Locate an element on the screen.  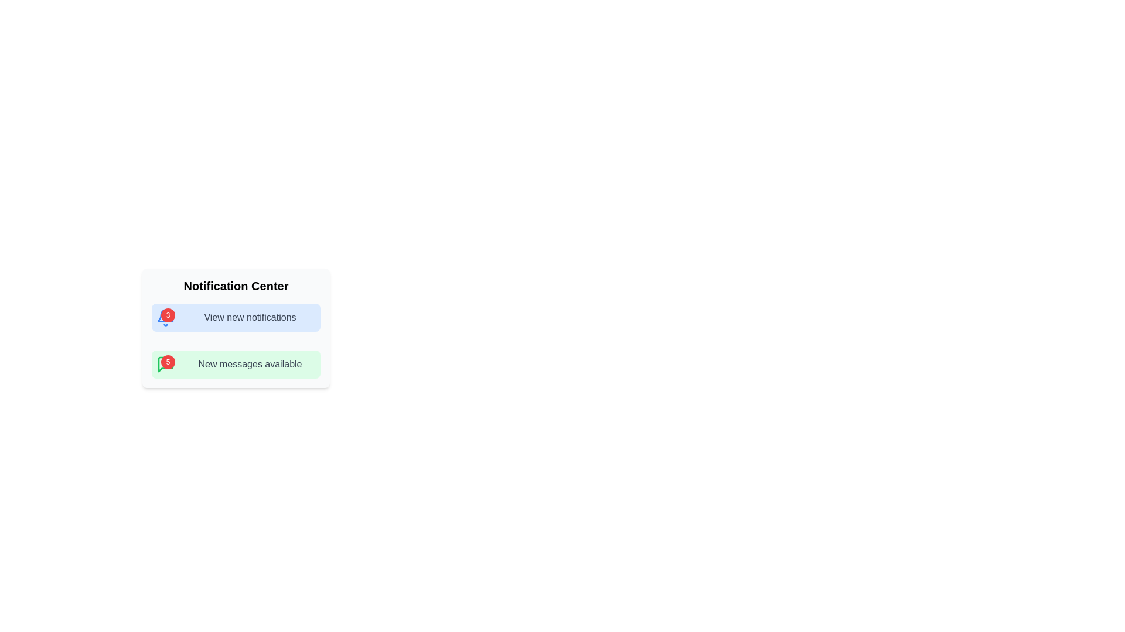
the red circular badge containing the number '3', which is positioned at the top right corner of the blue bell icon in the 'View new notifications' section is located at coordinates (165, 318).